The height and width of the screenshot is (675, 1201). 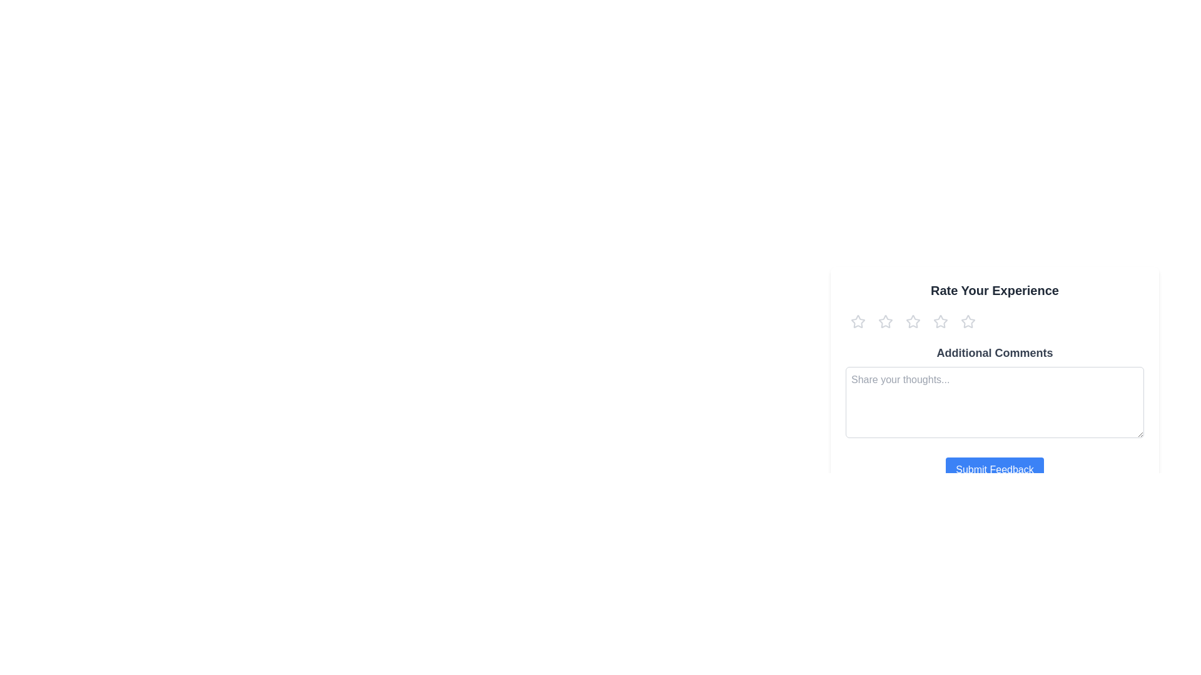 I want to click on the second star icon from the left in the five-star rating component to rate the experience with two stars, so click(x=885, y=321).